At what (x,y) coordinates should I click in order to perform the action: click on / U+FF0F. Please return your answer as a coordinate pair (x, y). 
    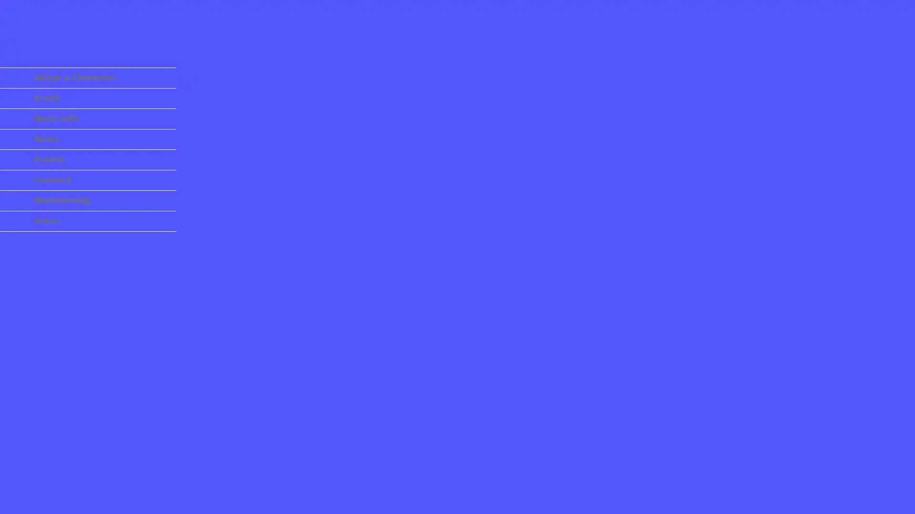
    Looking at the image, I should click on (657, 408).